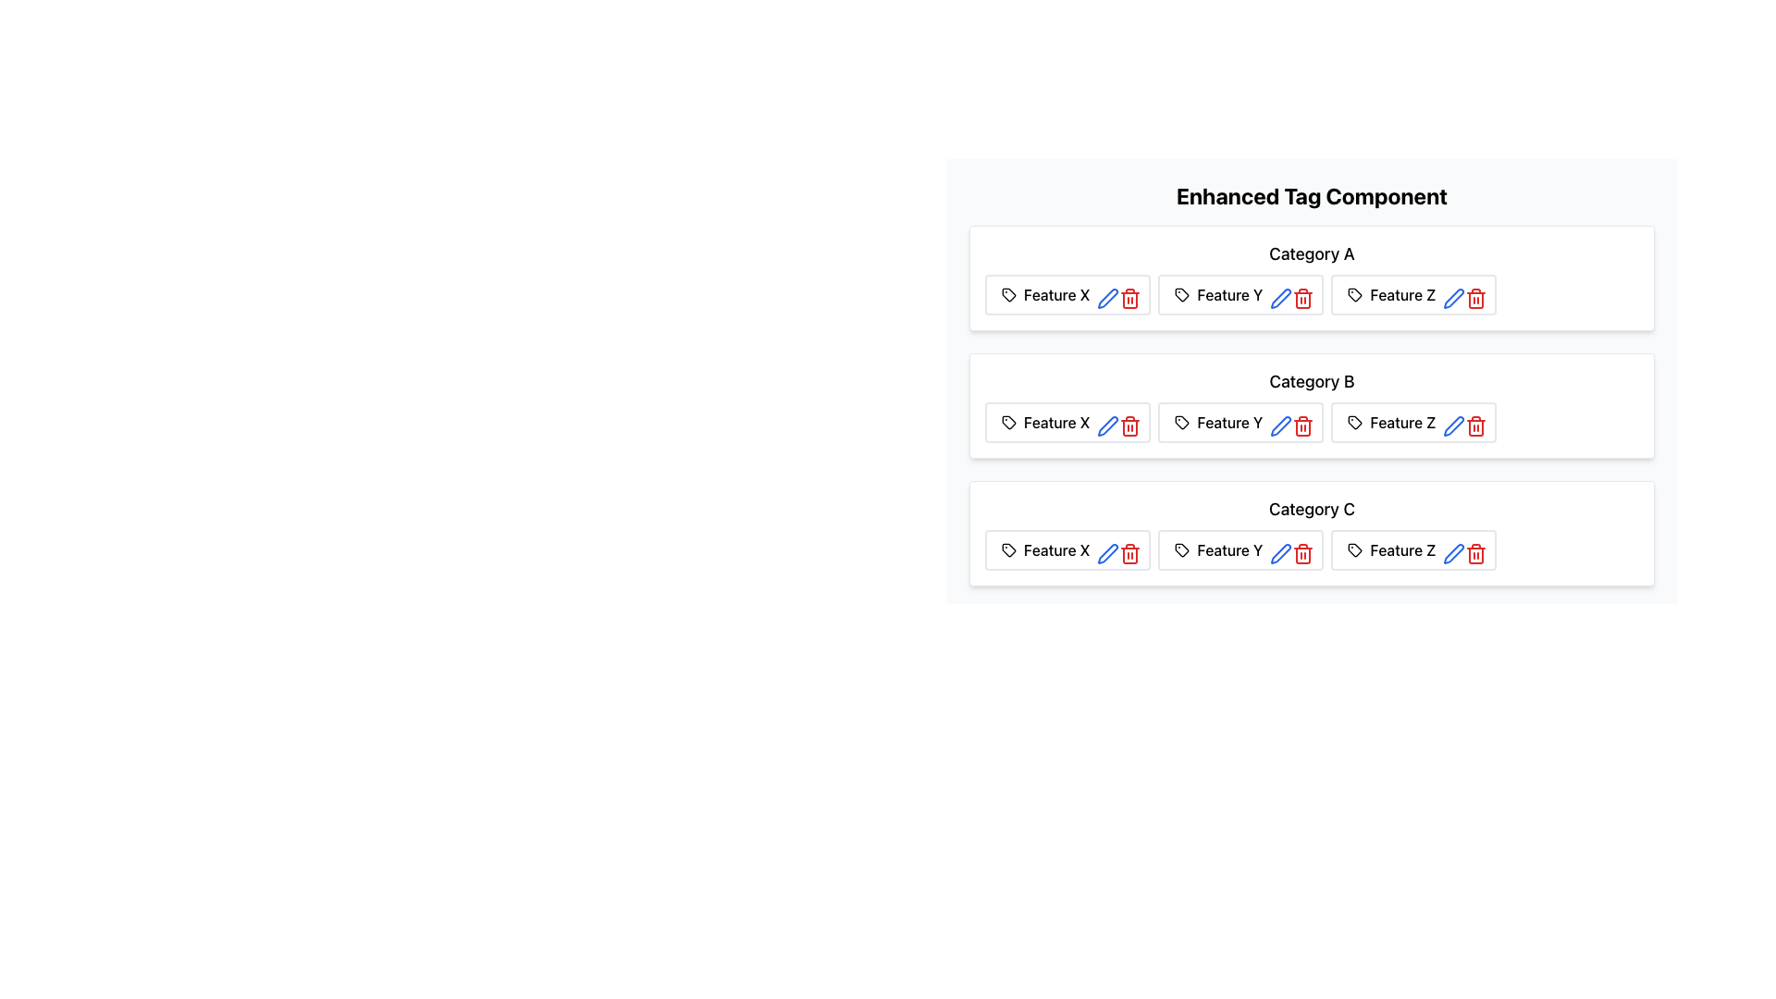 The height and width of the screenshot is (999, 1776). What do you see at coordinates (1475, 552) in the screenshot?
I see `the red trash bin icon button located as the last action icon in the row associated with Feature Z within Category A` at bounding box center [1475, 552].